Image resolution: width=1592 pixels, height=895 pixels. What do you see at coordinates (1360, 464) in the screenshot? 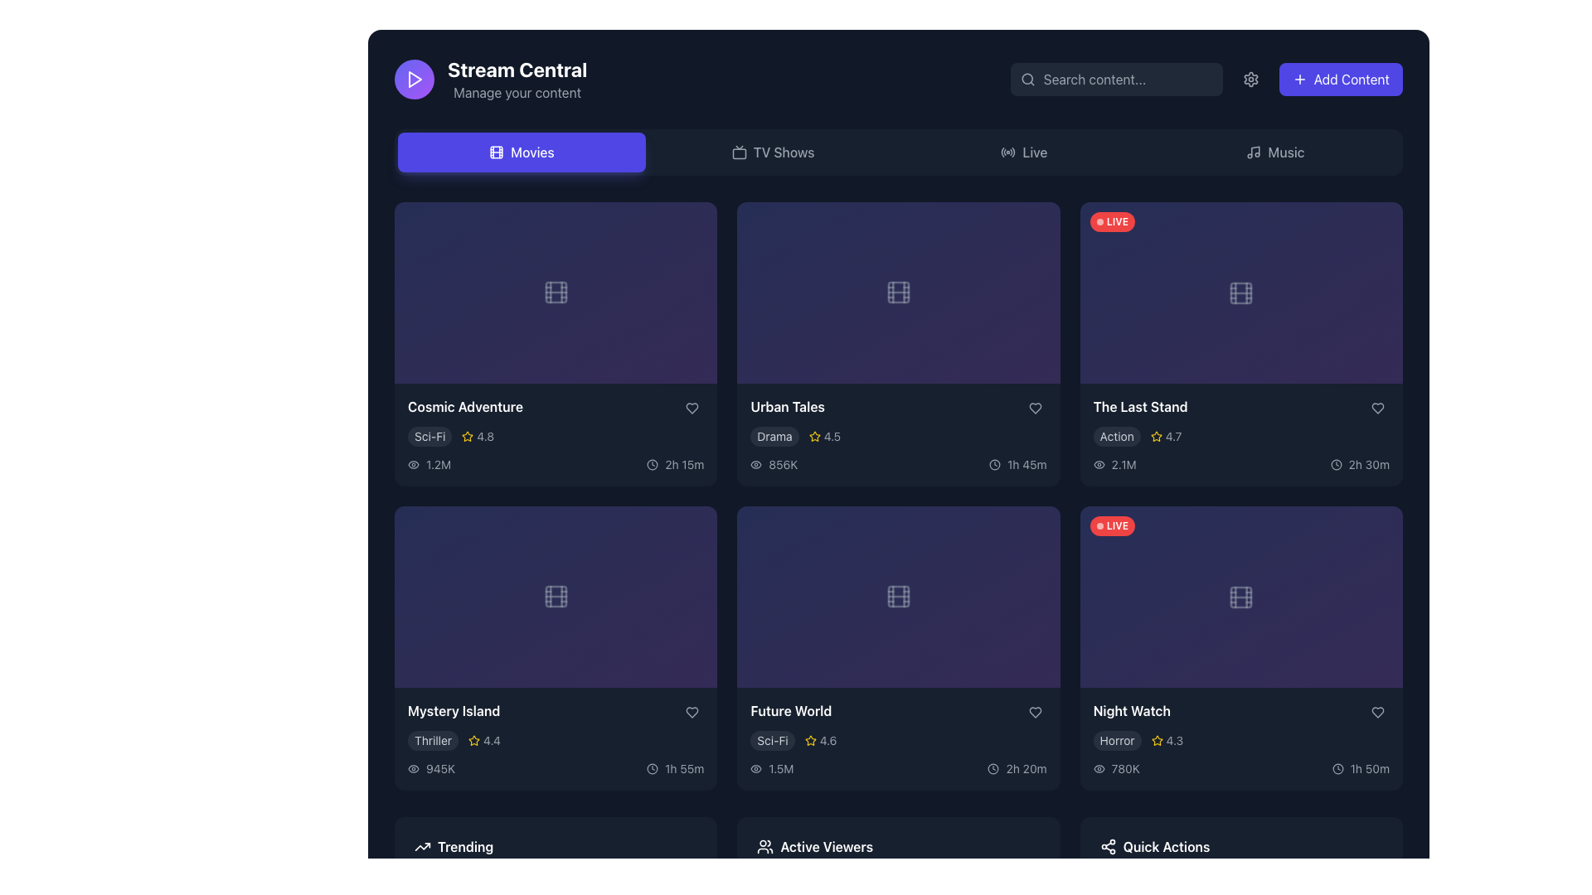
I see `the clock icon with text '2h 30m' located in the bottom-right corner of the card titled 'The Last Stand'` at bounding box center [1360, 464].